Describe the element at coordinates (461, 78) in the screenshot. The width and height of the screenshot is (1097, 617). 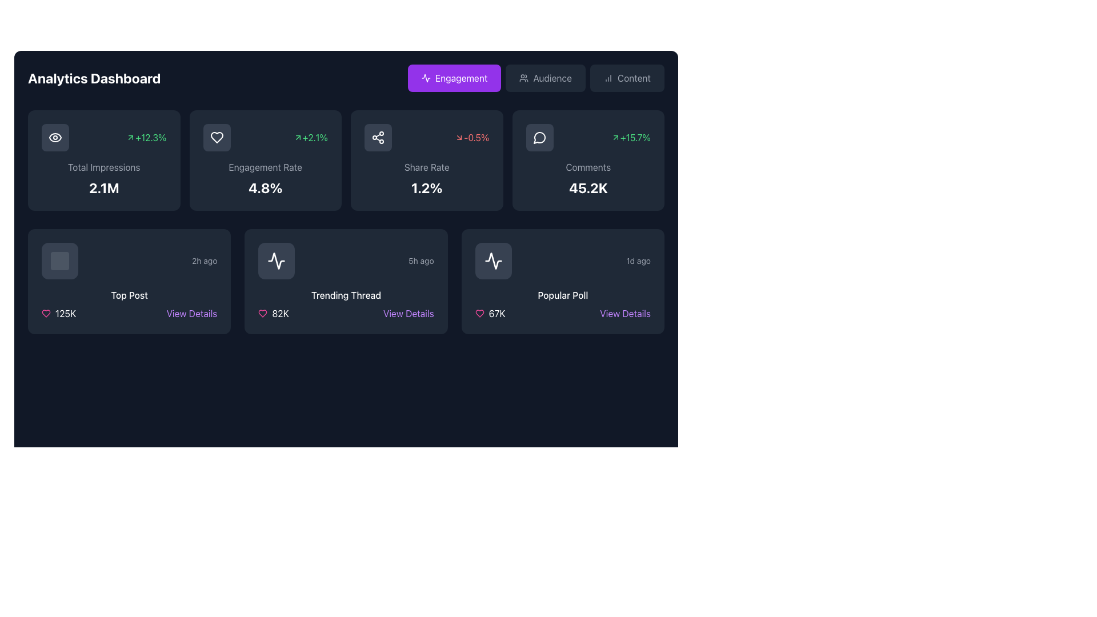
I see `the 'Engagement' button which contains the textual label indicating its functionality` at that location.